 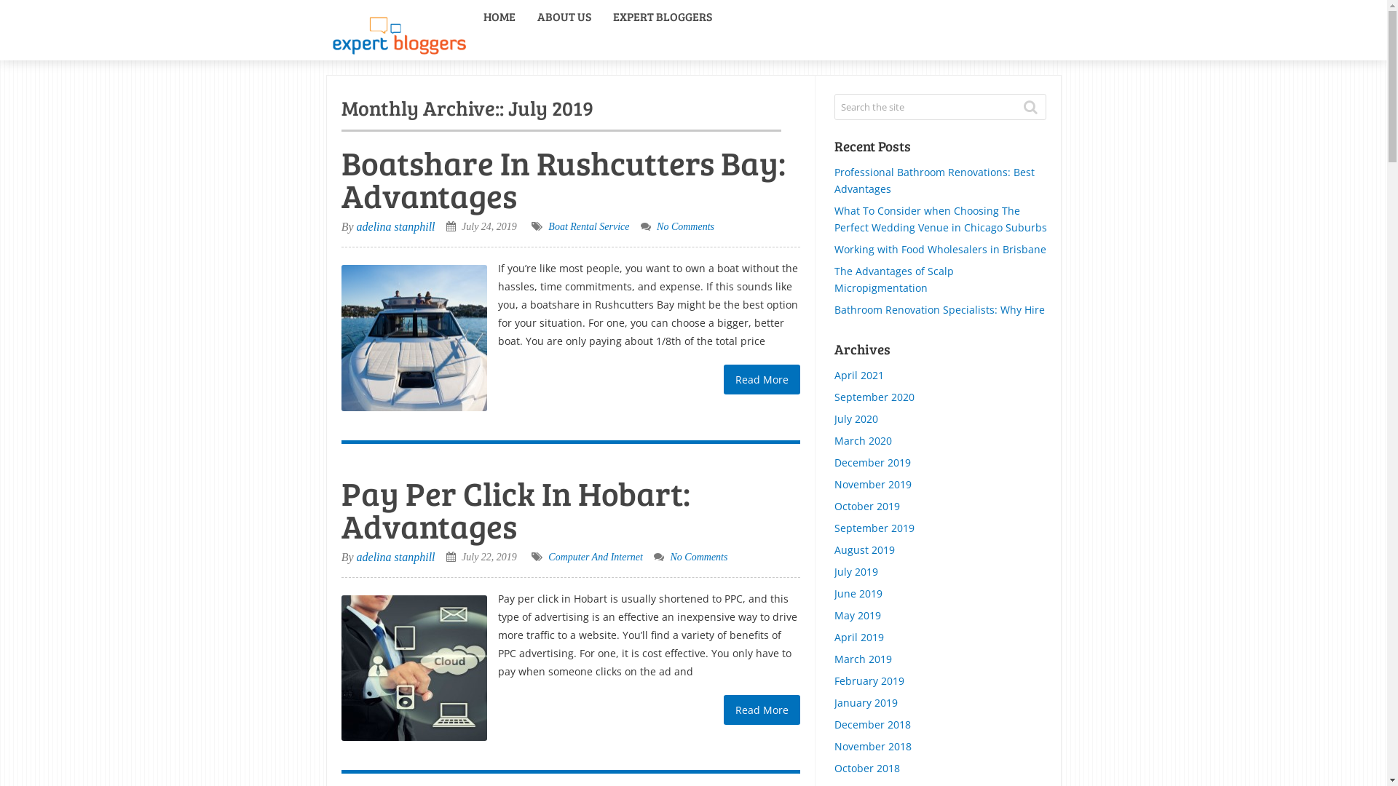 What do you see at coordinates (873, 746) in the screenshot?
I see `'November 2018'` at bounding box center [873, 746].